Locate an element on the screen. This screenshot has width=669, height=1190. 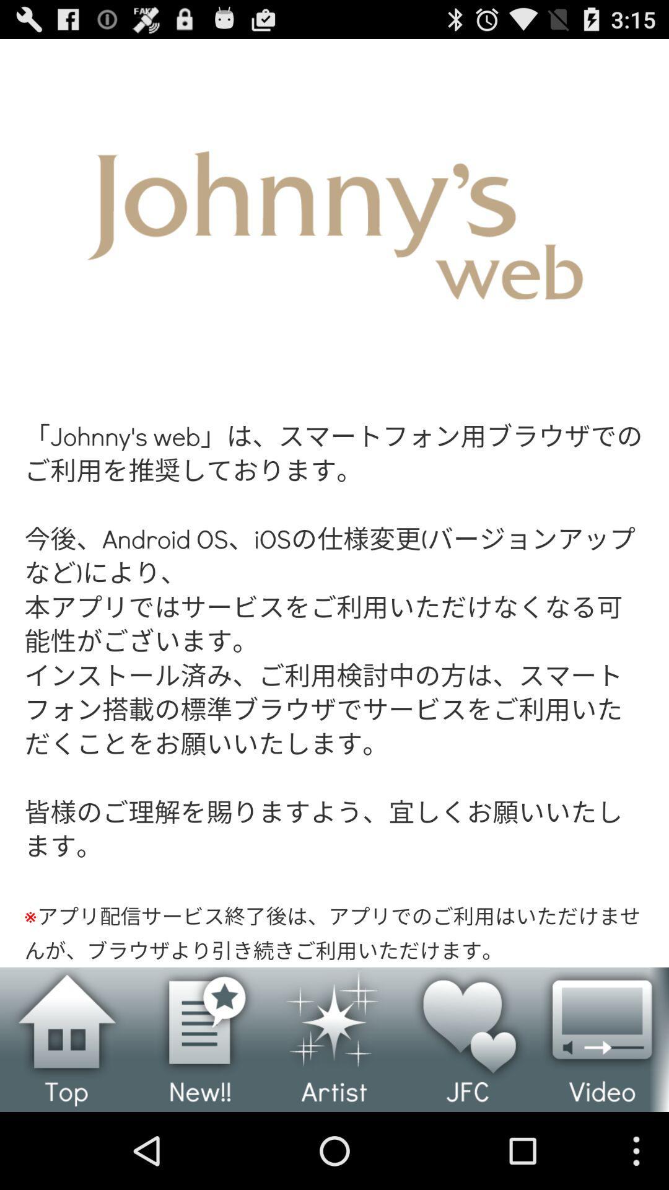
the favorite icon is located at coordinates (468, 1113).